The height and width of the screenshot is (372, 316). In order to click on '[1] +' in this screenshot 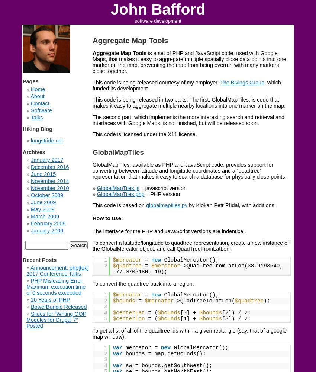, I will do `click(190, 318)`.